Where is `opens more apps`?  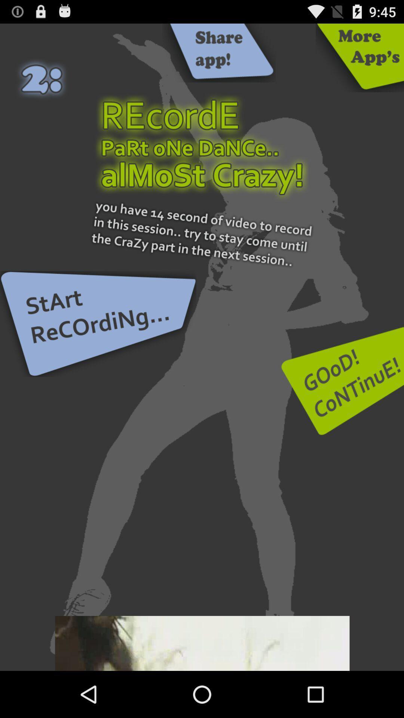 opens more apps is located at coordinates (359, 57).